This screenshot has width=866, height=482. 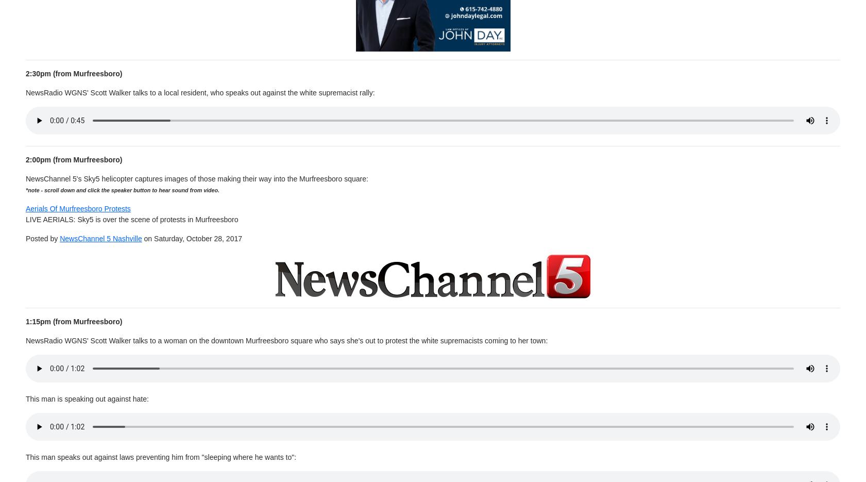 I want to click on 'NewsChannel 5's Sky5 helicopter captures images of those making their way into the Murfreesboro square:', so click(x=196, y=178).